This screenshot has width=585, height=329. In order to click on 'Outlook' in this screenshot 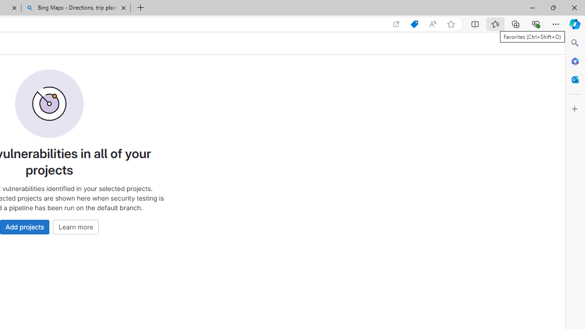, I will do `click(574, 79)`.